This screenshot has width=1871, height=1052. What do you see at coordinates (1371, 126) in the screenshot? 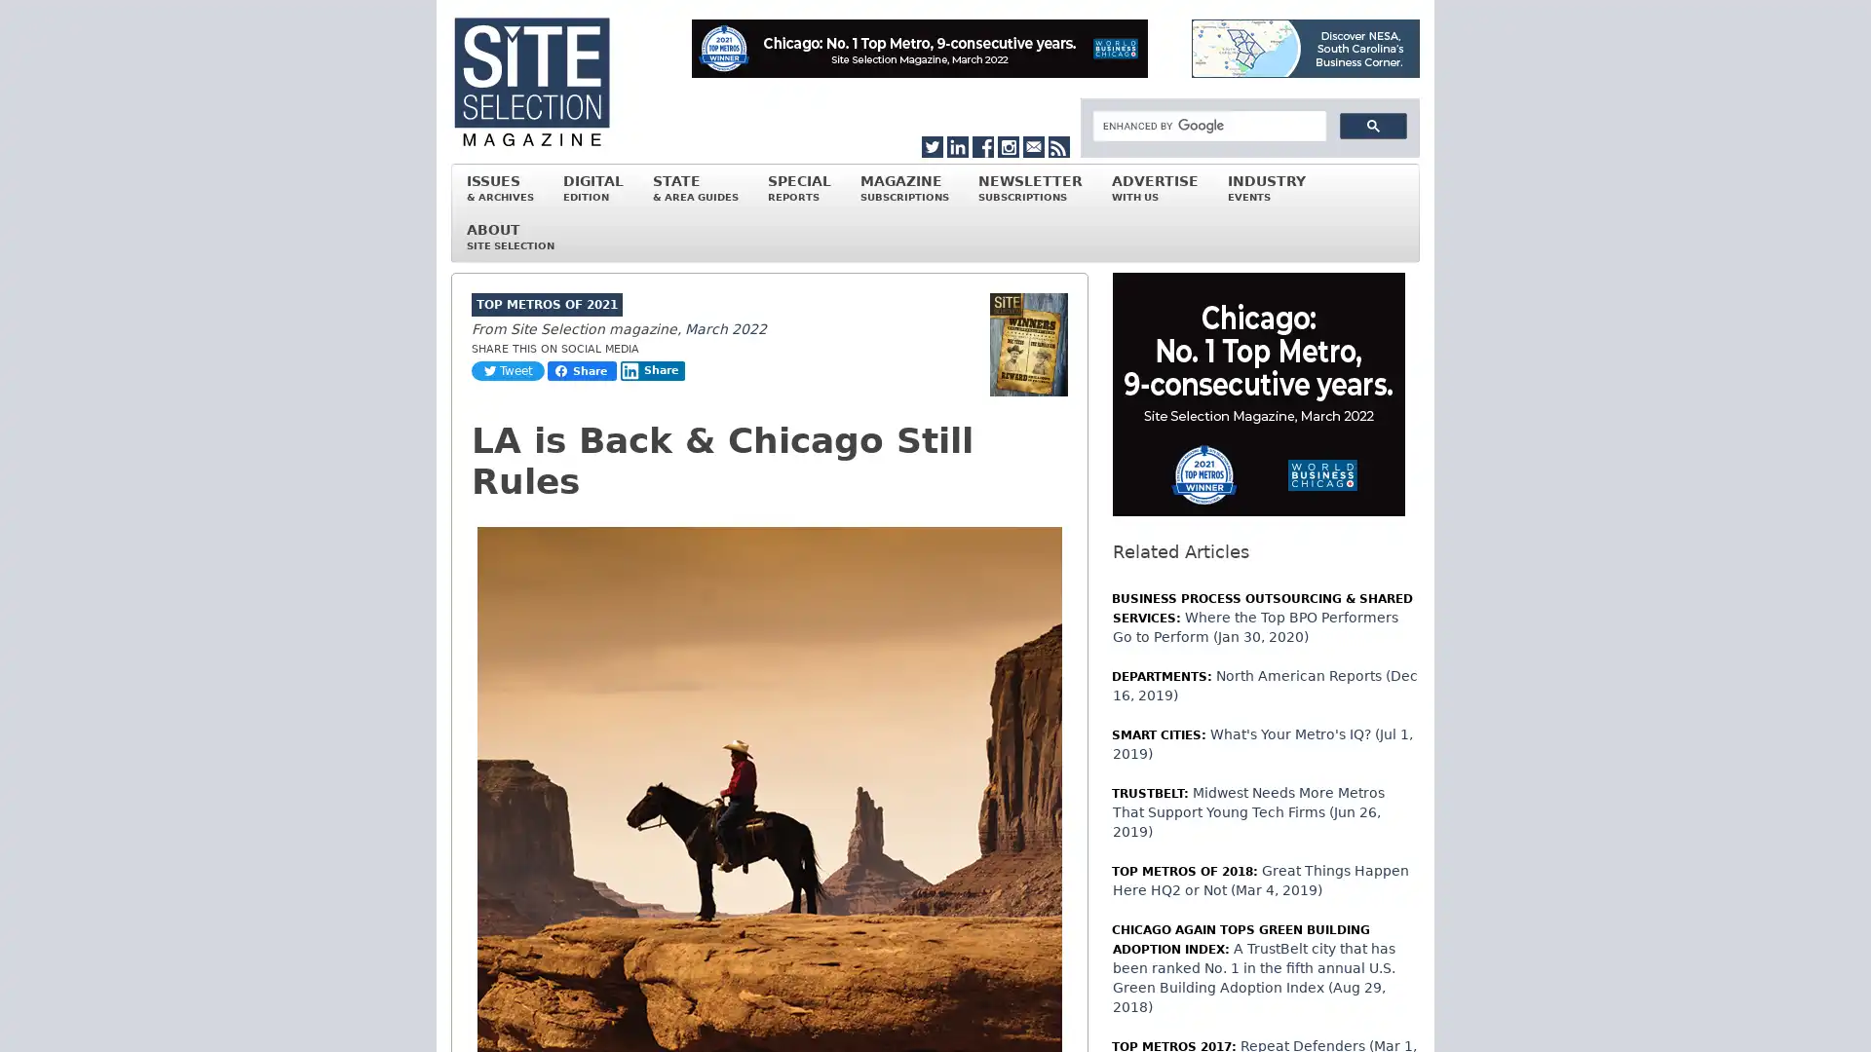
I see `search` at bounding box center [1371, 126].